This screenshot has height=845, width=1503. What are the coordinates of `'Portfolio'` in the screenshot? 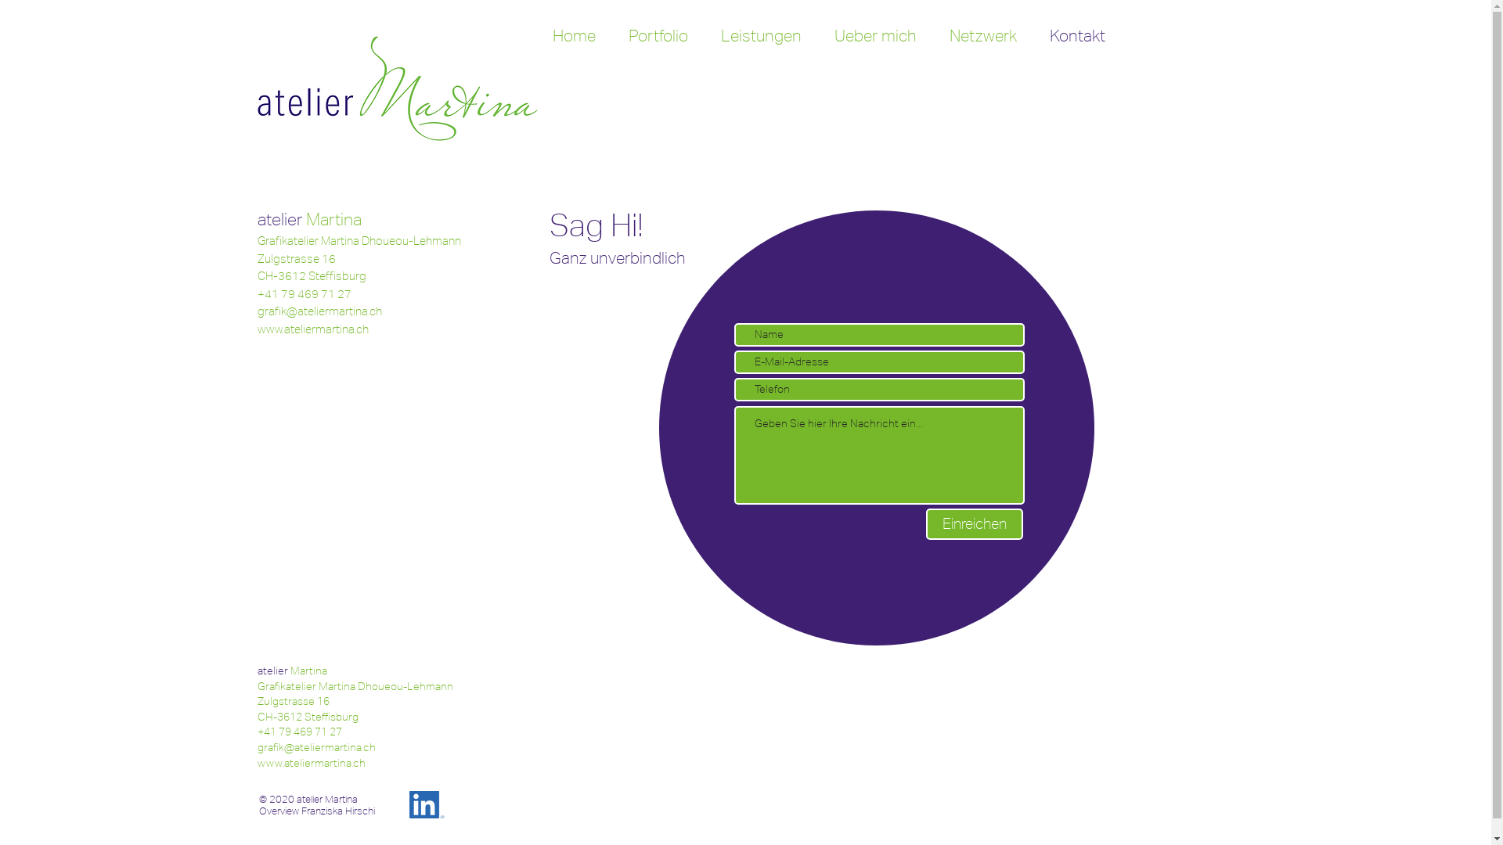 It's located at (611, 35).